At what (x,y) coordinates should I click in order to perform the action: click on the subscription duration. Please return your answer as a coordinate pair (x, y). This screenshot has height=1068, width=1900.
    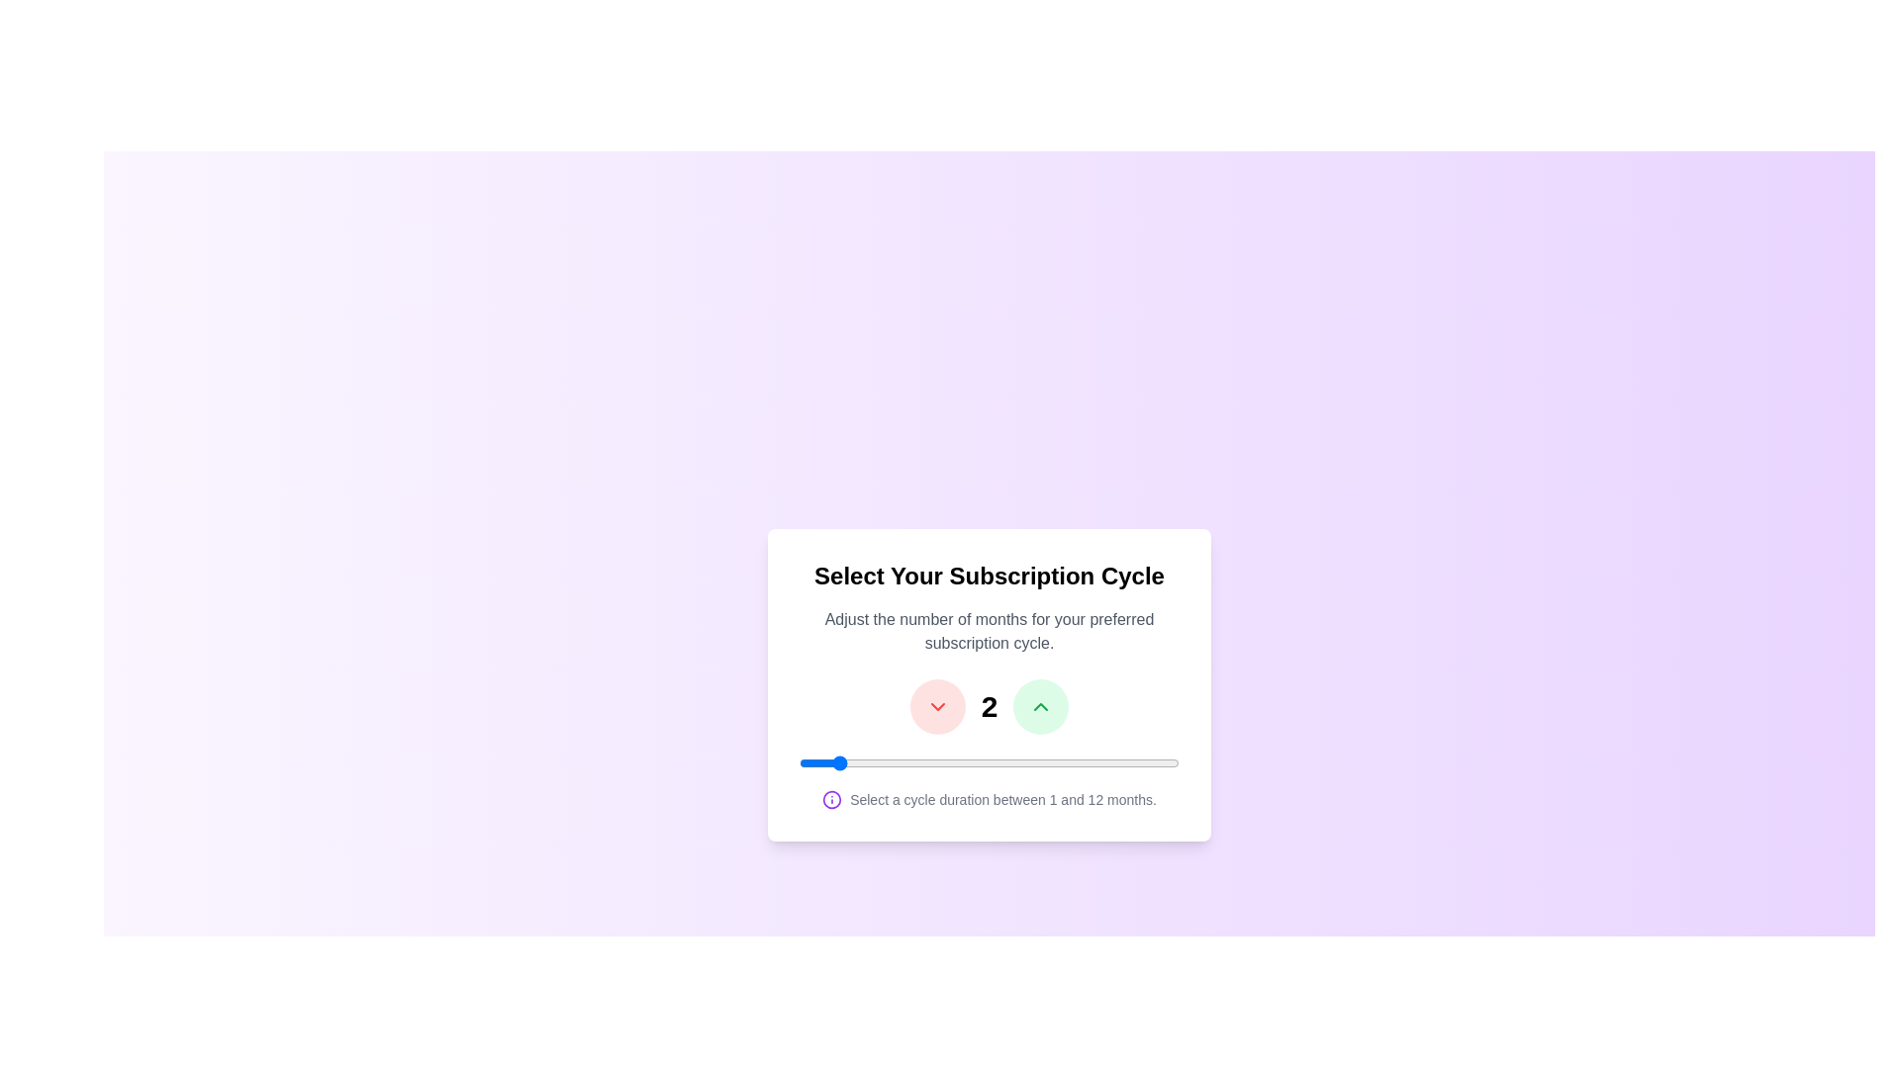
    Looking at the image, I should click on (902, 761).